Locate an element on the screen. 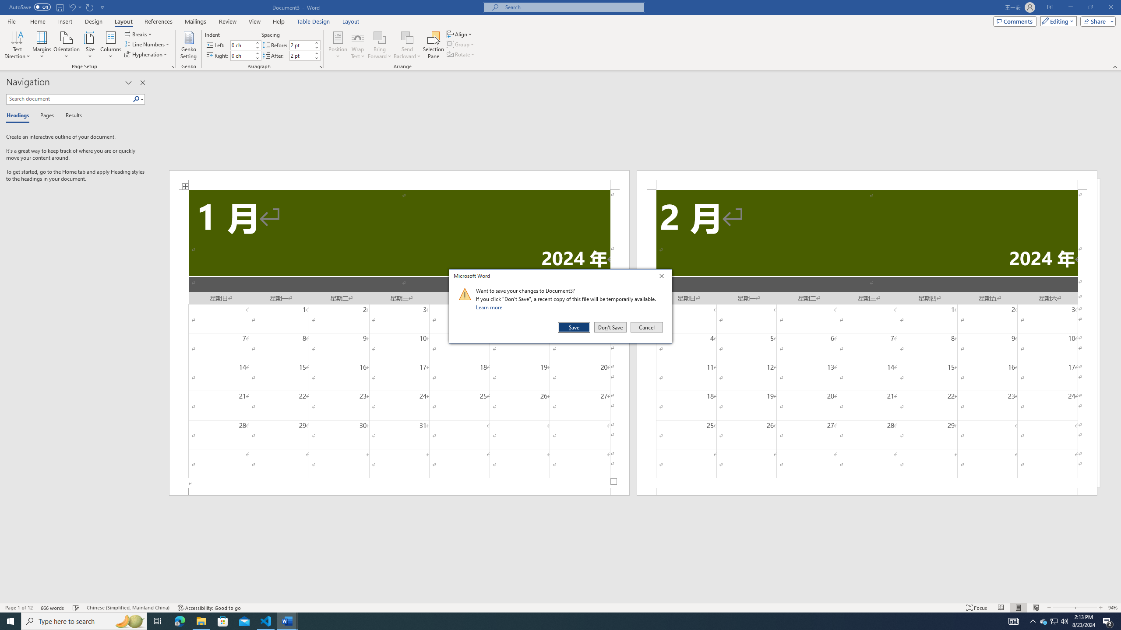 The width and height of the screenshot is (1121, 630). 'Table Design' is located at coordinates (314, 21).